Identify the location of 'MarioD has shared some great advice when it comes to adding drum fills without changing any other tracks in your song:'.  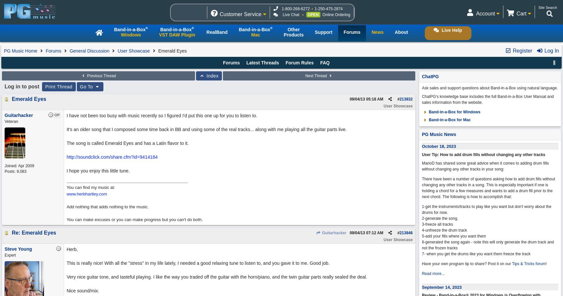
(485, 166).